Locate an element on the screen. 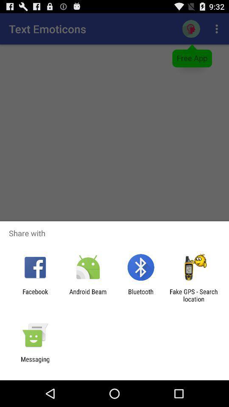  the app to the right of the bluetooth item is located at coordinates (193, 295).